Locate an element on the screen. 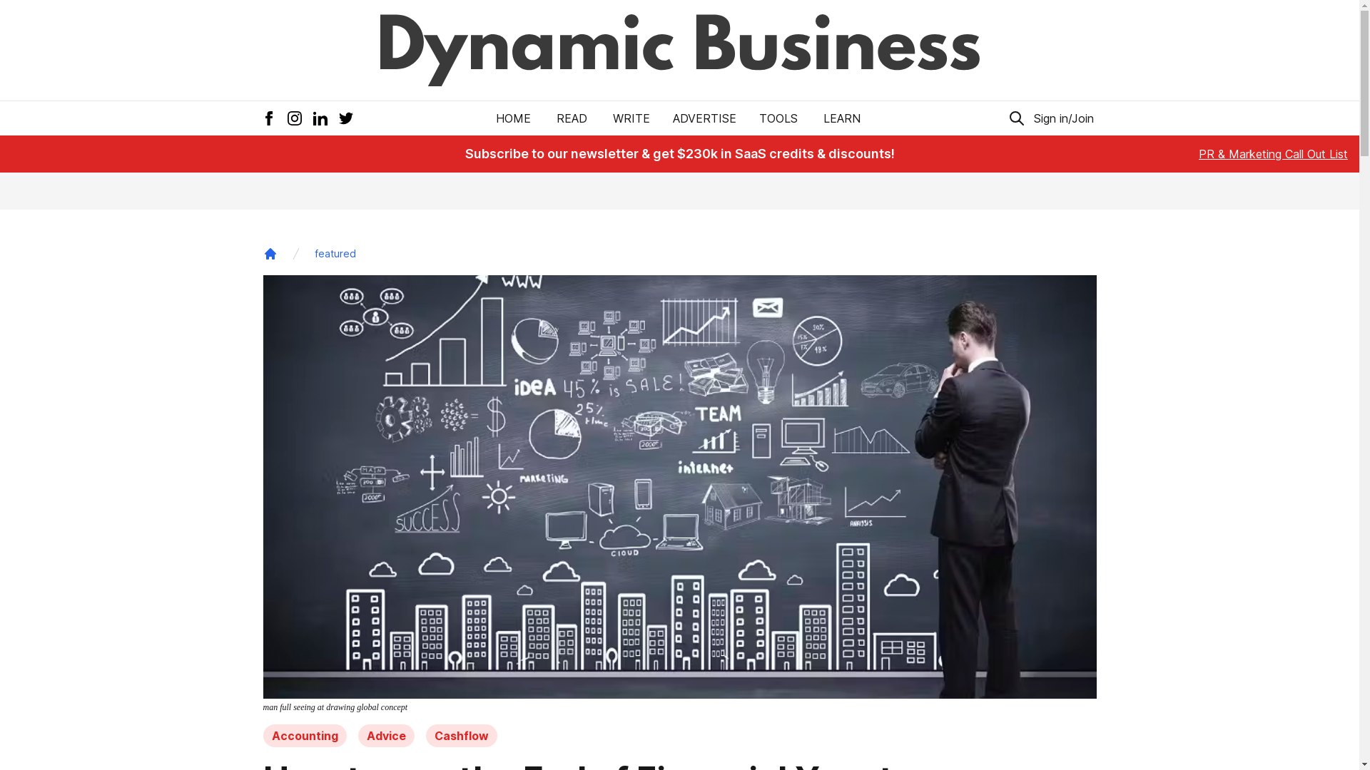  'HOME' is located at coordinates (513, 117).